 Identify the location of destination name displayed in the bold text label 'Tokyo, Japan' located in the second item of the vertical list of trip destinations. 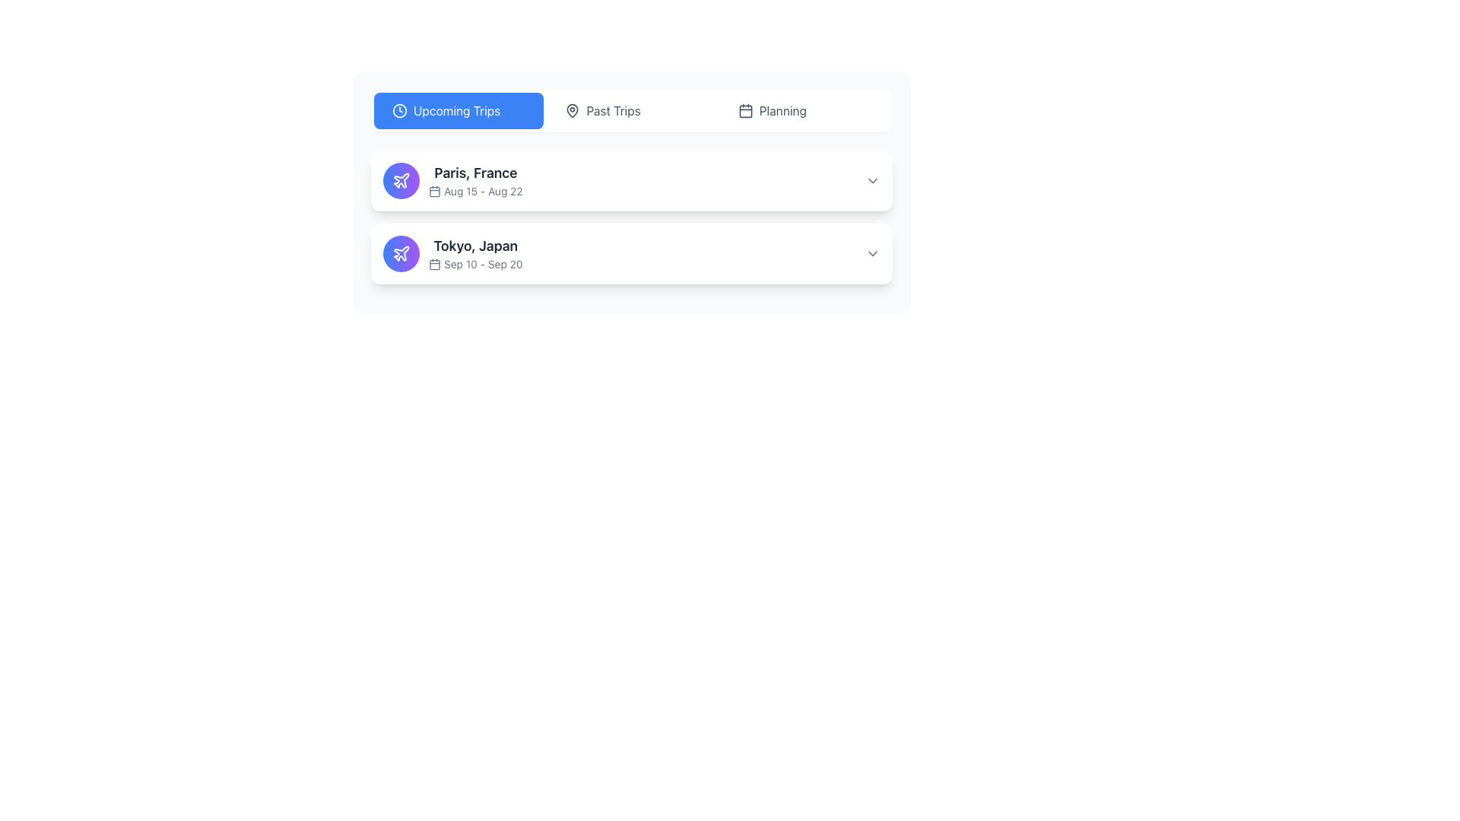
(474, 246).